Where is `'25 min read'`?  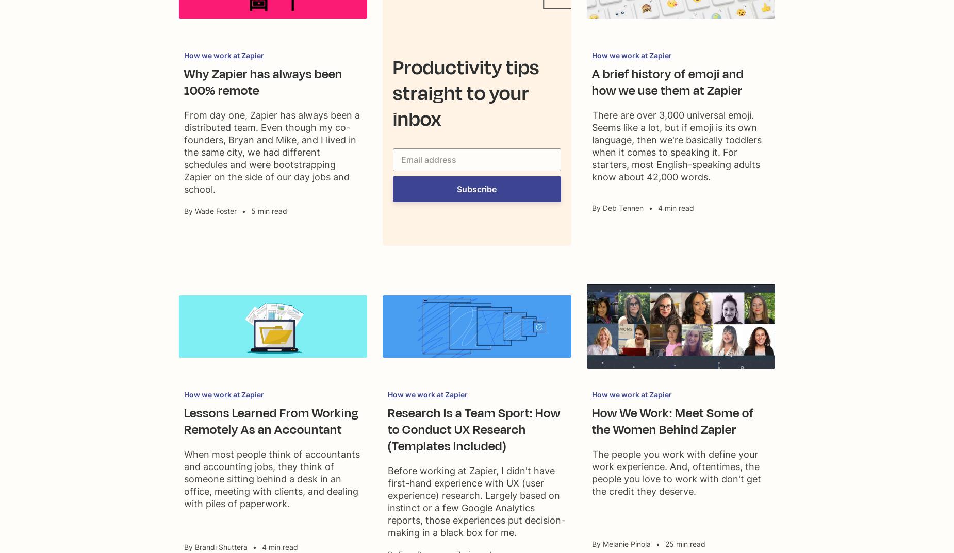
'25 min read' is located at coordinates (684, 544).